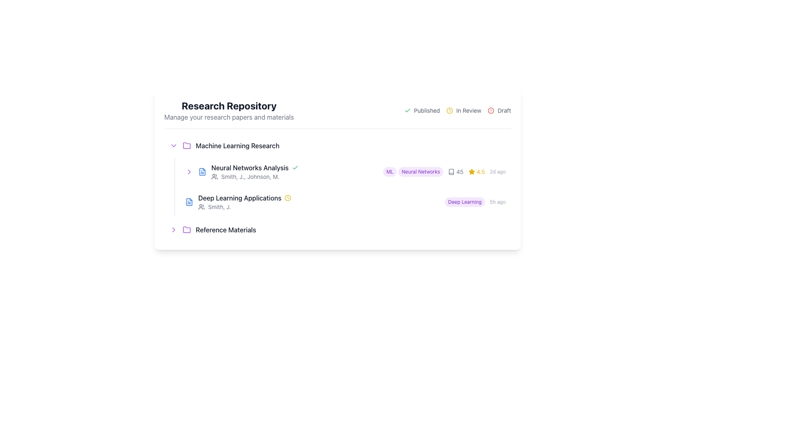 The width and height of the screenshot is (785, 441). Describe the element at coordinates (457, 110) in the screenshot. I see `status labels for 'Published', 'In Review', and 'Draft' located in the top right section of the interface, adjacent to the main title and subtitle` at that location.